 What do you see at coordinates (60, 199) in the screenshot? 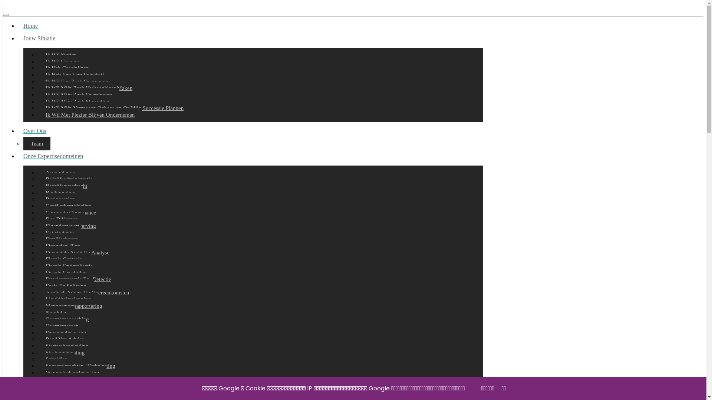
I see `'Businessplan'` at bounding box center [60, 199].